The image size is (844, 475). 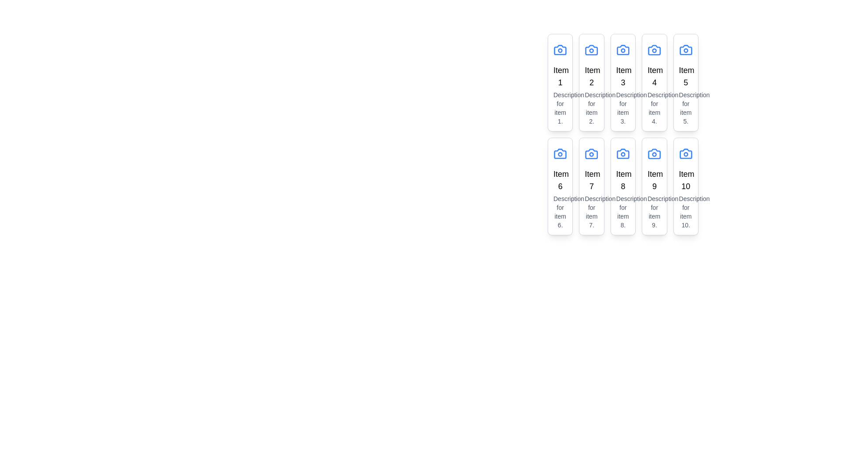 What do you see at coordinates (560, 76) in the screenshot?
I see `the static text label that serves as the title for the first card in the grid layout, located in the upper-left corner below the image icon` at bounding box center [560, 76].